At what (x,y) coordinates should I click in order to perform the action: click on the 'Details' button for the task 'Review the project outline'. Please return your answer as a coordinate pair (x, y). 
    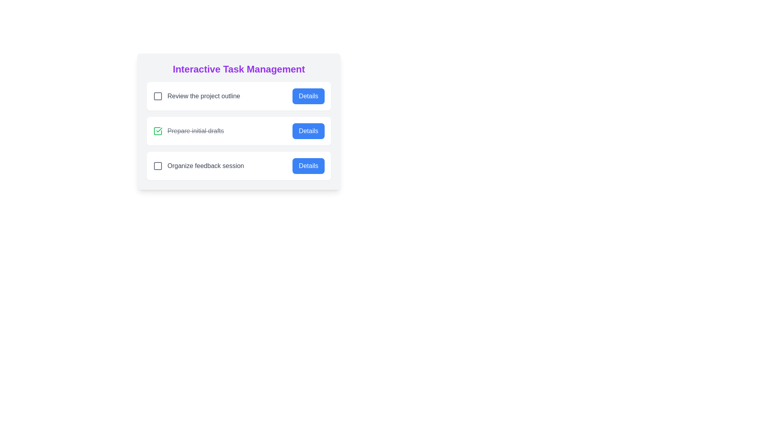
    Looking at the image, I should click on (308, 96).